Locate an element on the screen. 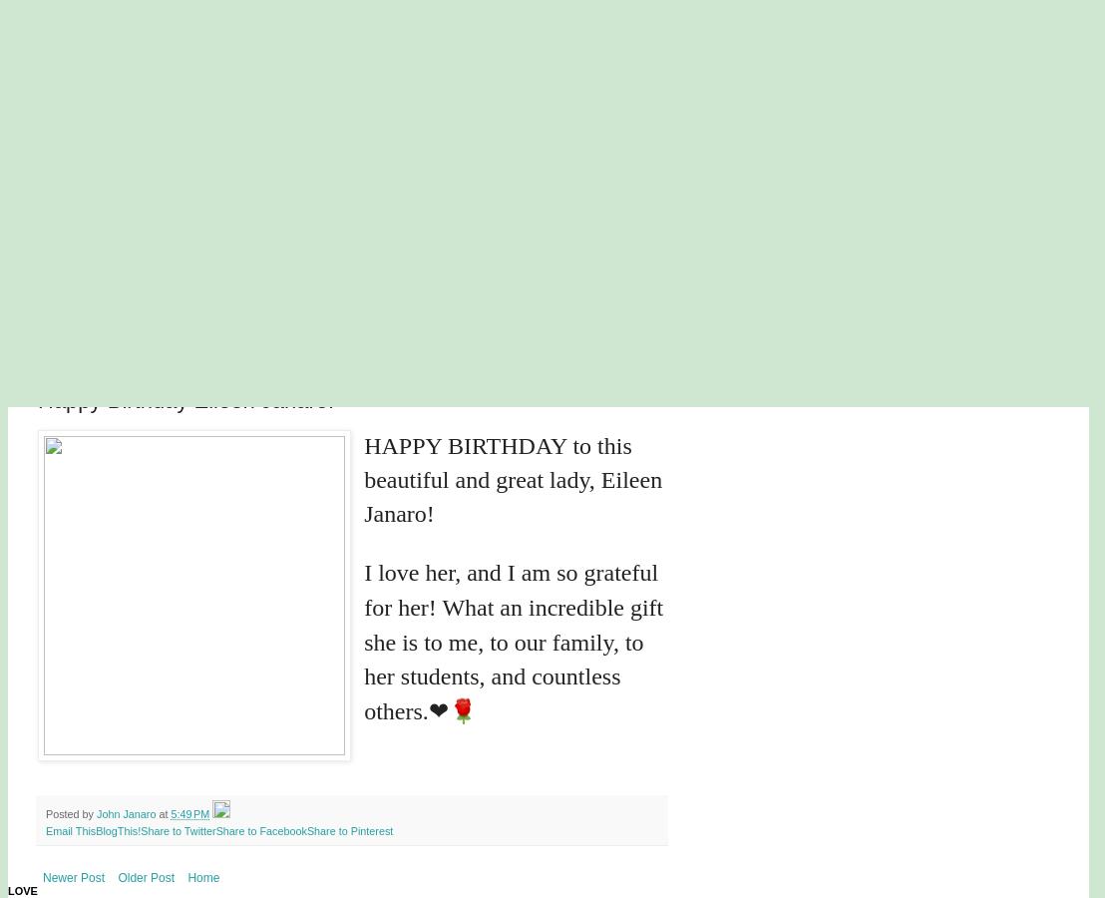 Image resolution: width=1105 pixels, height=898 pixels. 'Older Post' is located at coordinates (145, 878).